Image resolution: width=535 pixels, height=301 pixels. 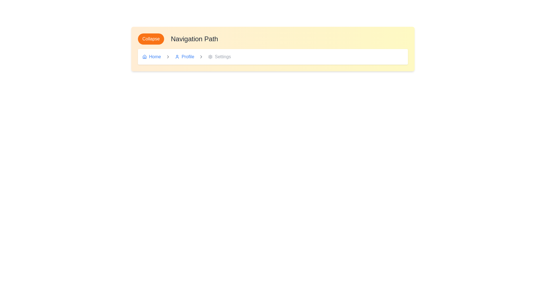 What do you see at coordinates (144, 57) in the screenshot?
I see `the stylized house-like icon in the breadcrumb navigation system` at bounding box center [144, 57].